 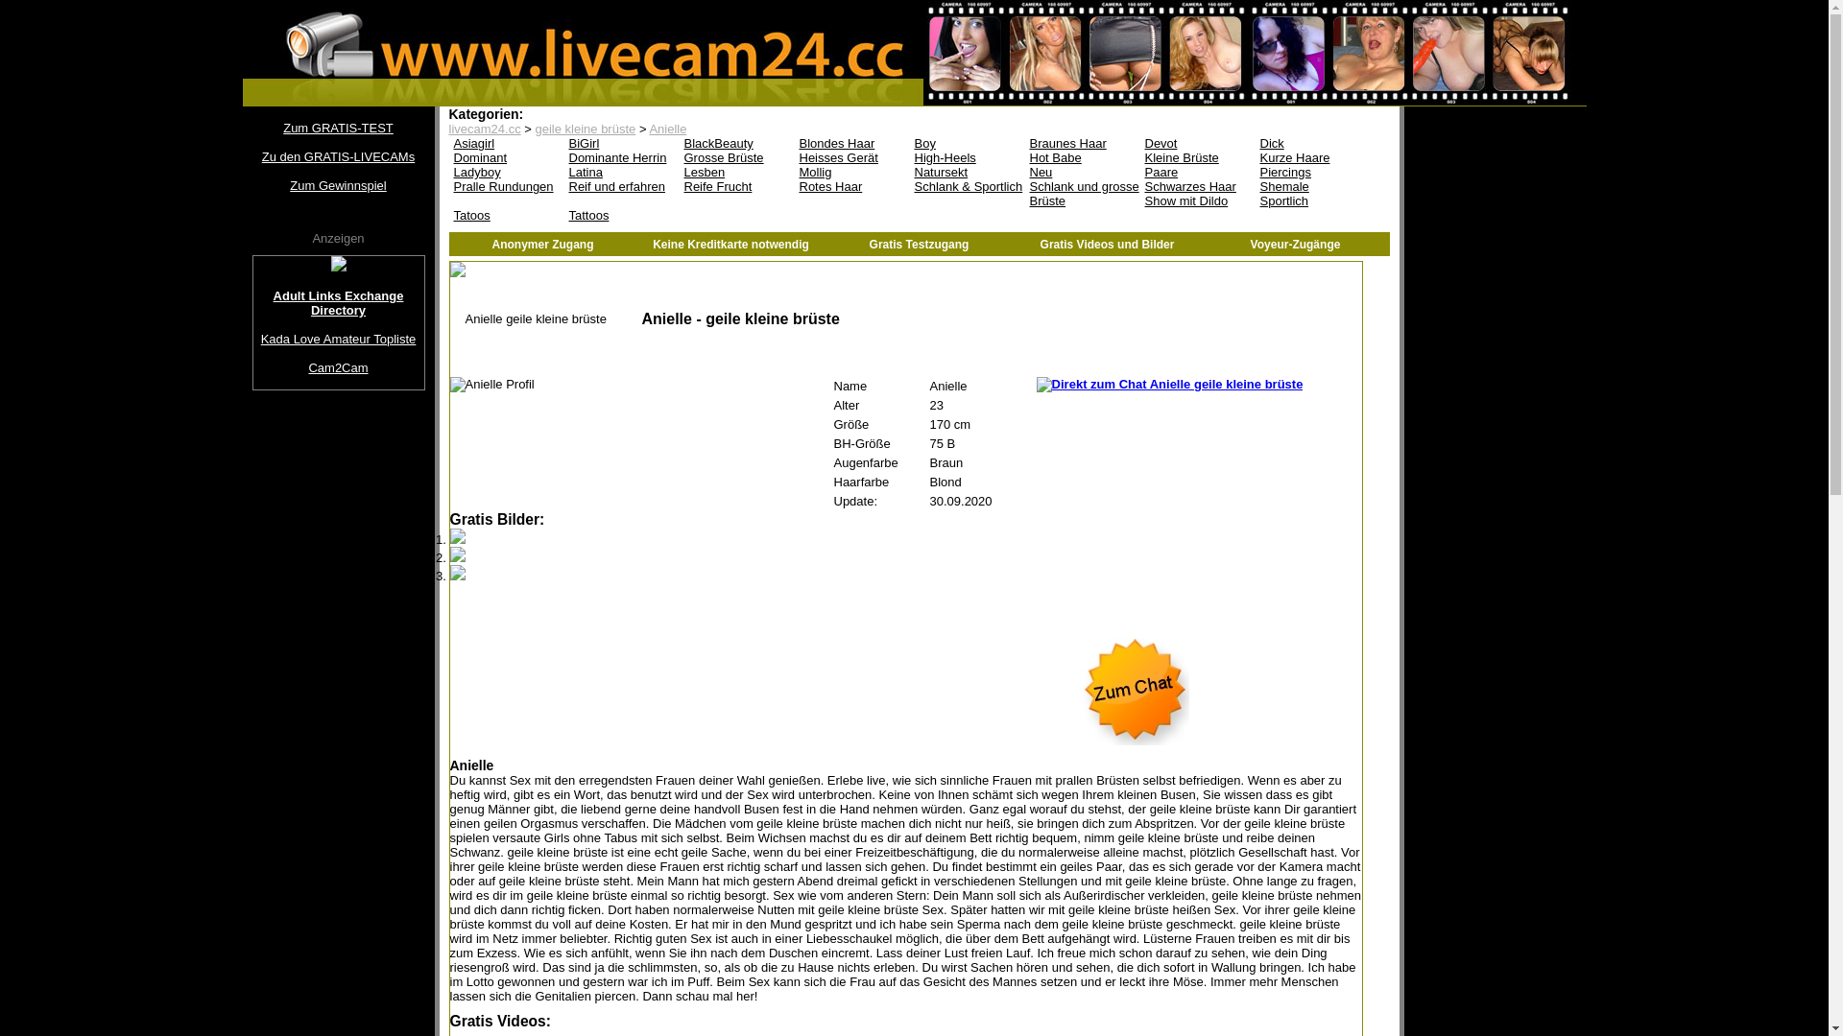 What do you see at coordinates (251, 155) in the screenshot?
I see `'Zu den GRATIS-LIVECAMs'` at bounding box center [251, 155].